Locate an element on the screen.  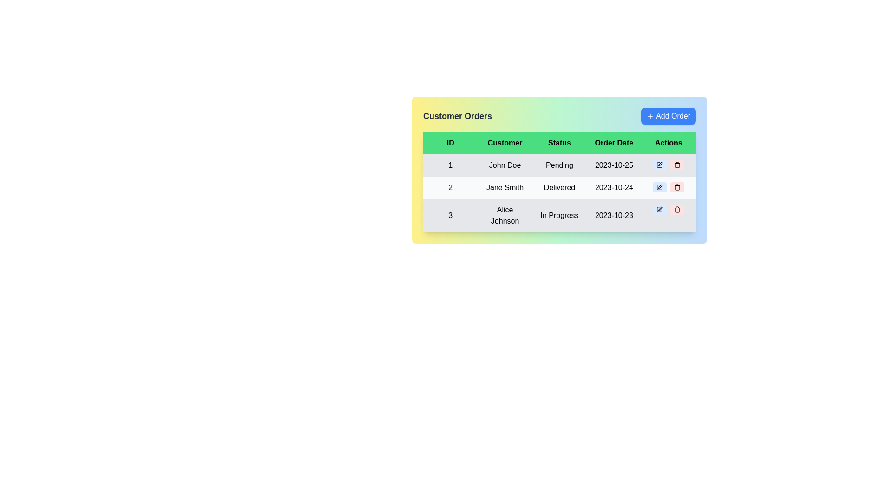
the table cell containing the name 'Alice Johnson' in the third row under the 'Customer' column is located at coordinates (505, 215).